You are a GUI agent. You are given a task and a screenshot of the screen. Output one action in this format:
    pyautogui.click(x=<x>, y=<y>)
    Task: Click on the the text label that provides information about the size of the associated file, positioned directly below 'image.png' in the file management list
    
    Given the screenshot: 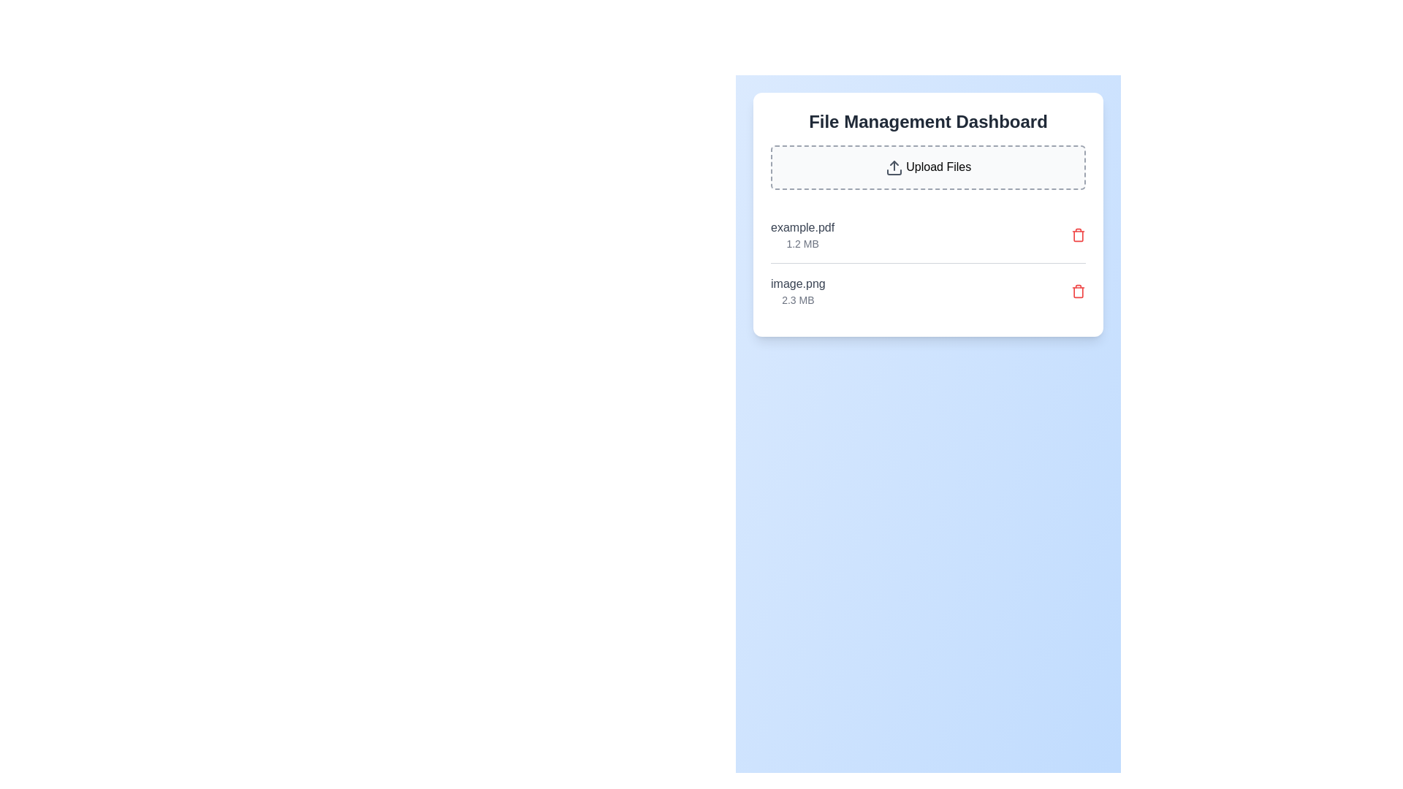 What is the action you would take?
    pyautogui.click(x=797, y=299)
    